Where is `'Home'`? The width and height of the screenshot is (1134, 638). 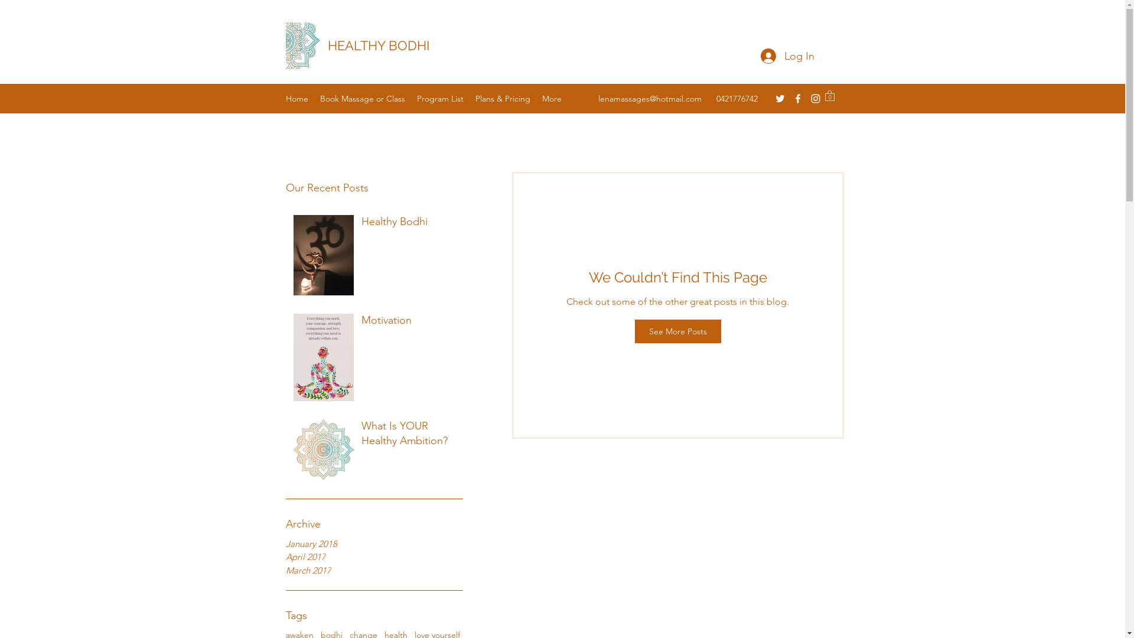
'Home' is located at coordinates (297, 97).